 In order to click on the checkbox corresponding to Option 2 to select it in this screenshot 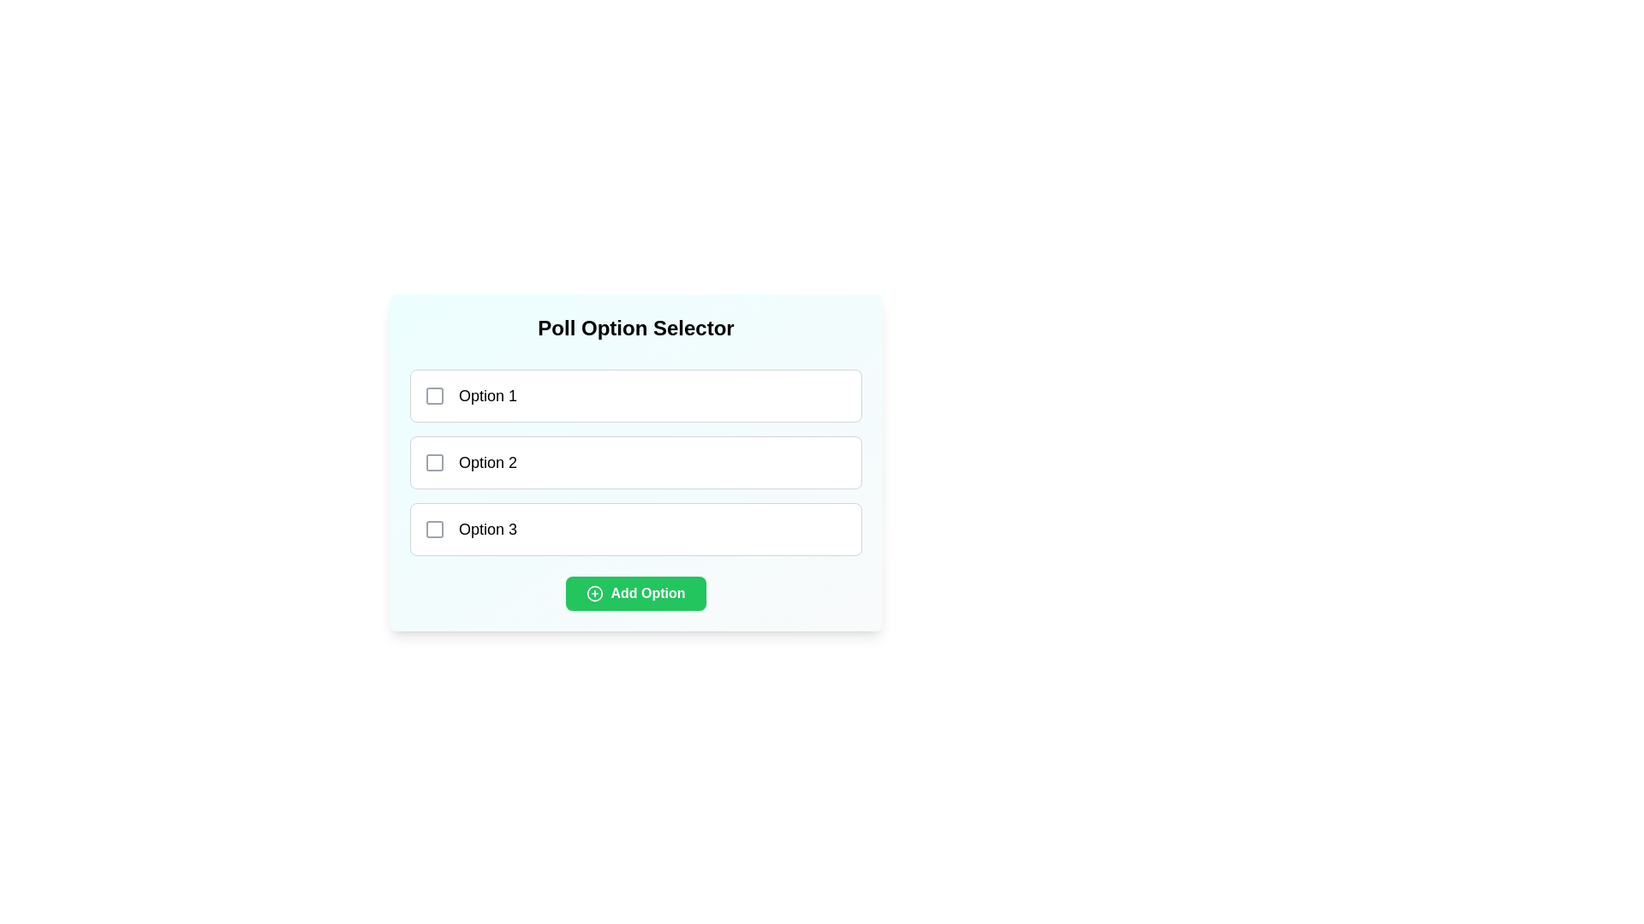, I will do `click(435, 462)`.